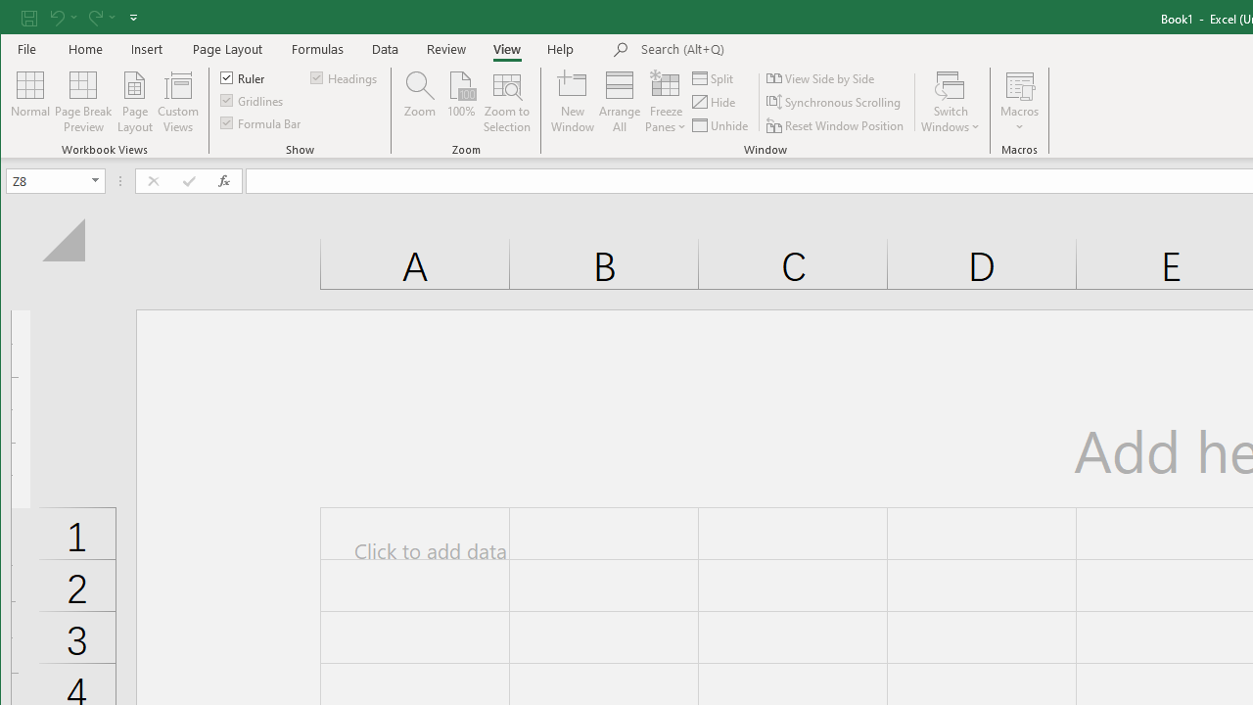 The height and width of the screenshot is (705, 1253). What do you see at coordinates (560, 48) in the screenshot?
I see `'Help'` at bounding box center [560, 48].